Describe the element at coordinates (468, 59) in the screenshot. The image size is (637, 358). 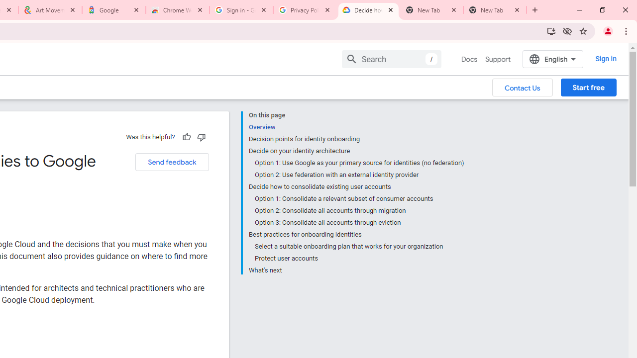
I see `'Docs, selected'` at that location.